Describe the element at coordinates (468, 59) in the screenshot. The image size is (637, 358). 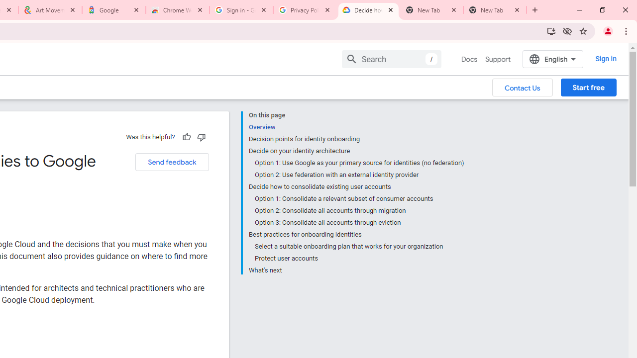
I see `'Docs, selected'` at that location.